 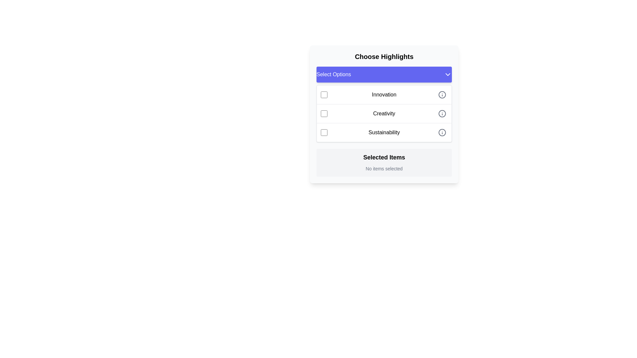 What do you see at coordinates (442, 133) in the screenshot?
I see `the Information icon, which is the last among a series of similar icons, located to the right of the checkbox and 'Sustainability' text on the third row in the list` at bounding box center [442, 133].